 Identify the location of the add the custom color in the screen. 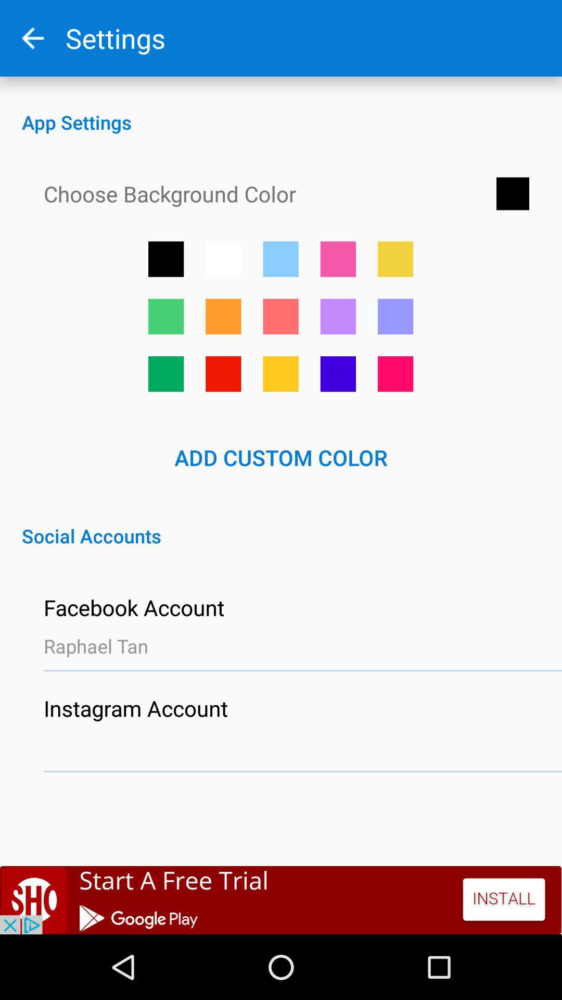
(338, 259).